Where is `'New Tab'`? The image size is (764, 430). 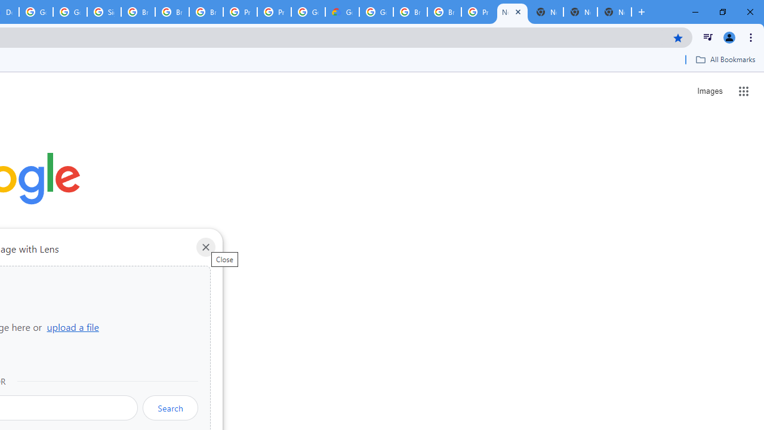
'New Tab' is located at coordinates (512, 12).